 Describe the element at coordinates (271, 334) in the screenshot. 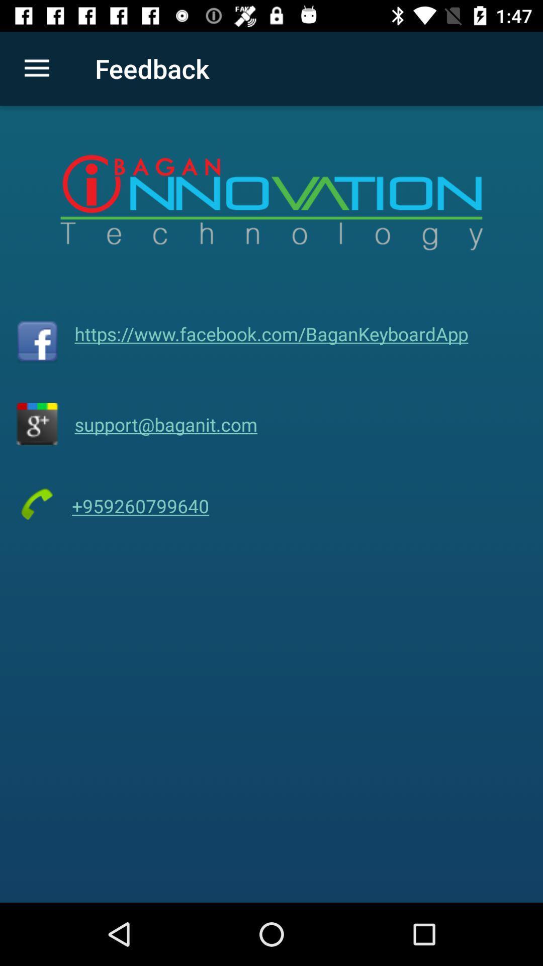

I see `icon at the center` at that location.